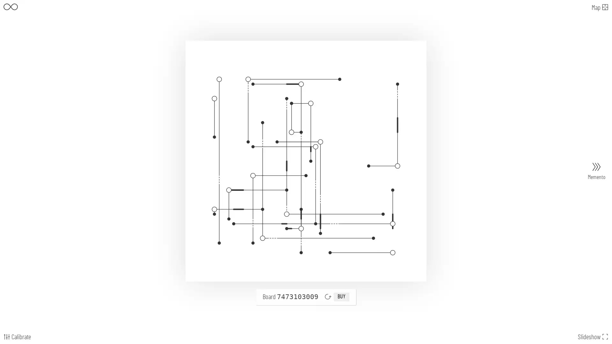  What do you see at coordinates (17, 336) in the screenshot?
I see `Calibrate` at bounding box center [17, 336].